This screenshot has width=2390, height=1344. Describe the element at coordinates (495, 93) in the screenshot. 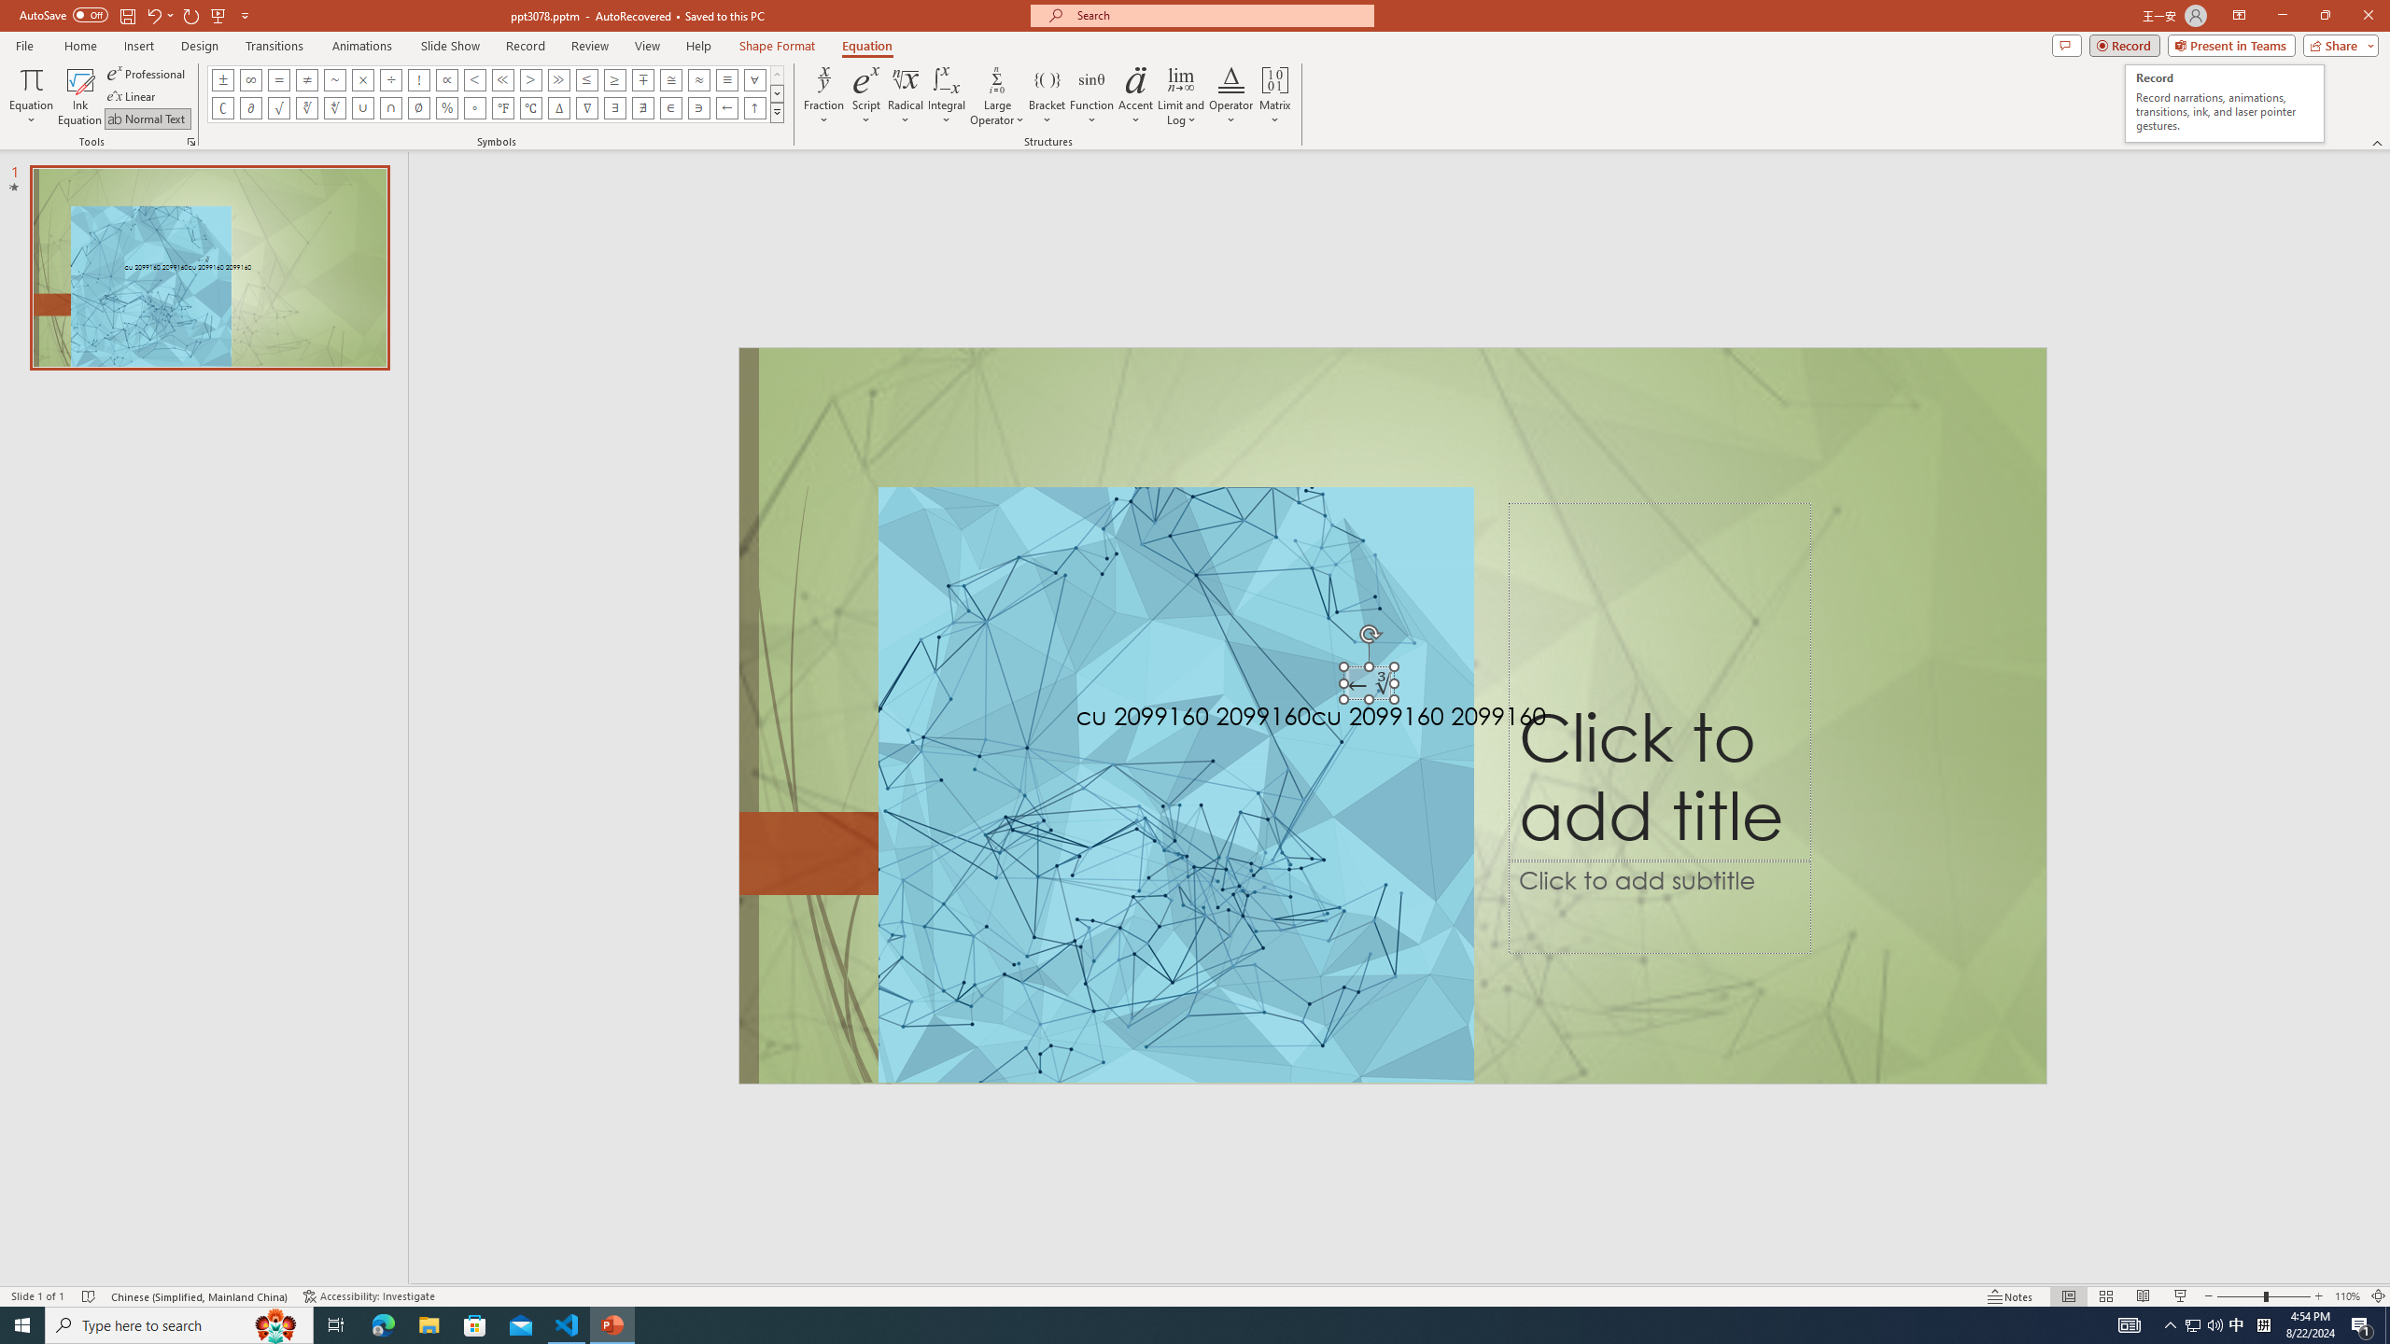

I see `'AutomationID: EquationSymbolsInsertGallery'` at that location.